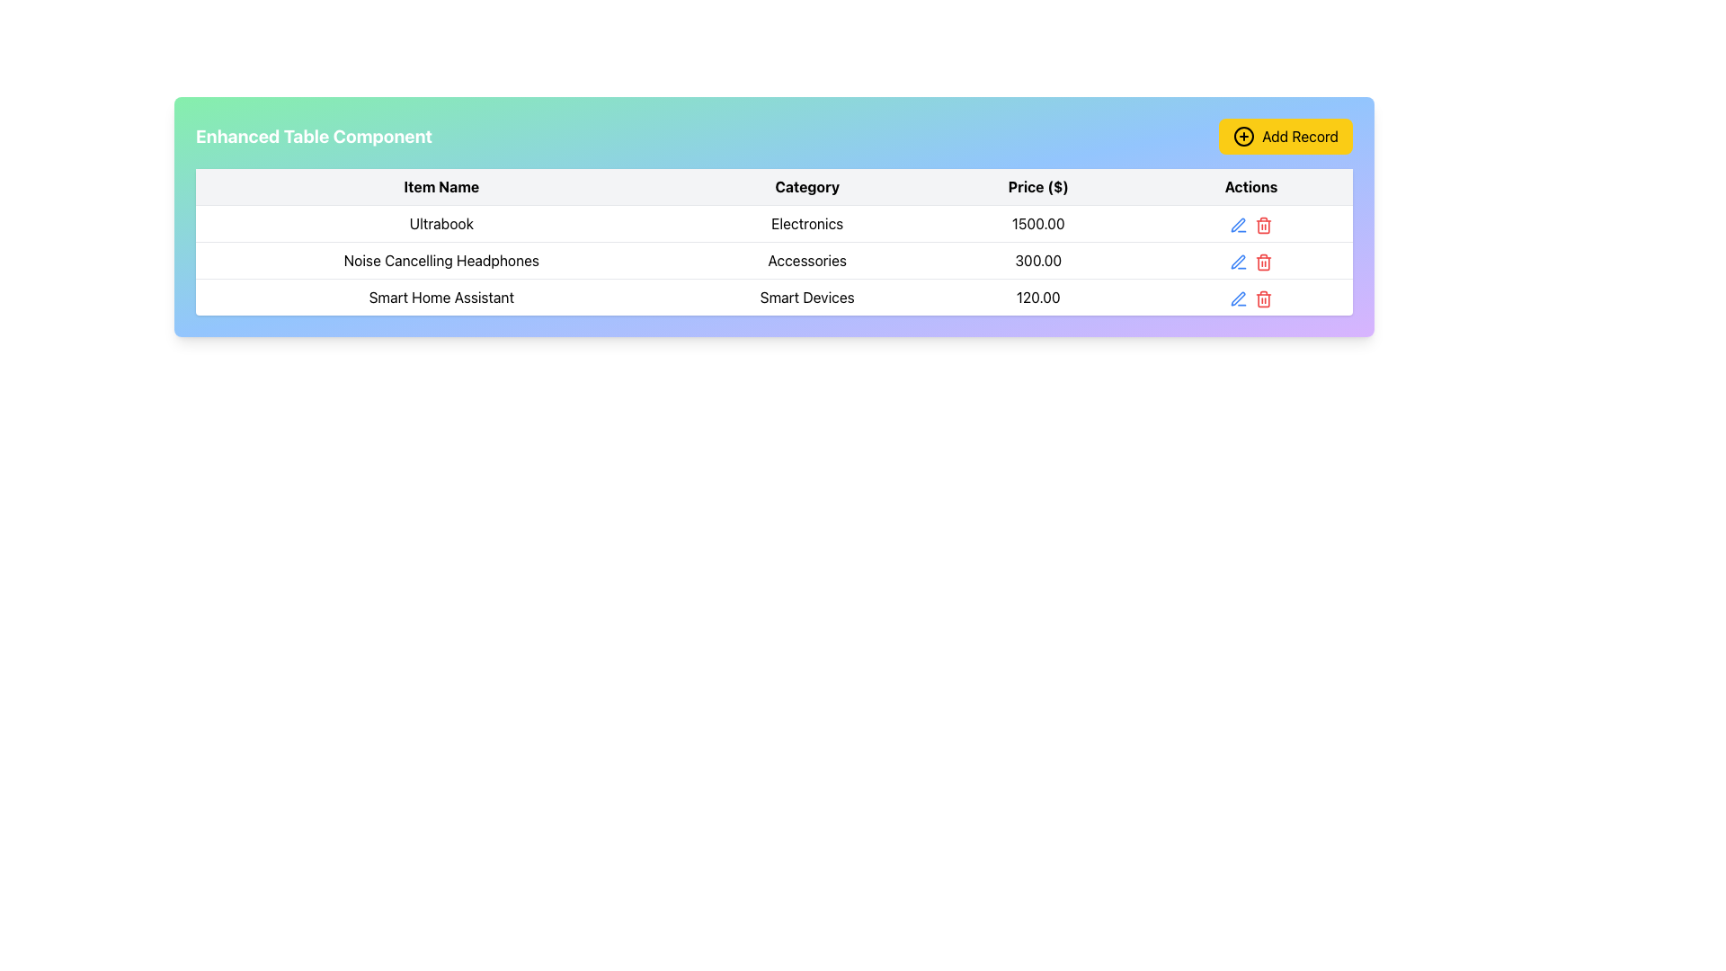 The height and width of the screenshot is (971, 1726). Describe the element at coordinates (774, 296) in the screenshot. I see `the third row of the table that contains product information, specifically for 'Smart Home Assistant', 'Smart Devices', and '$120.00'` at that location.